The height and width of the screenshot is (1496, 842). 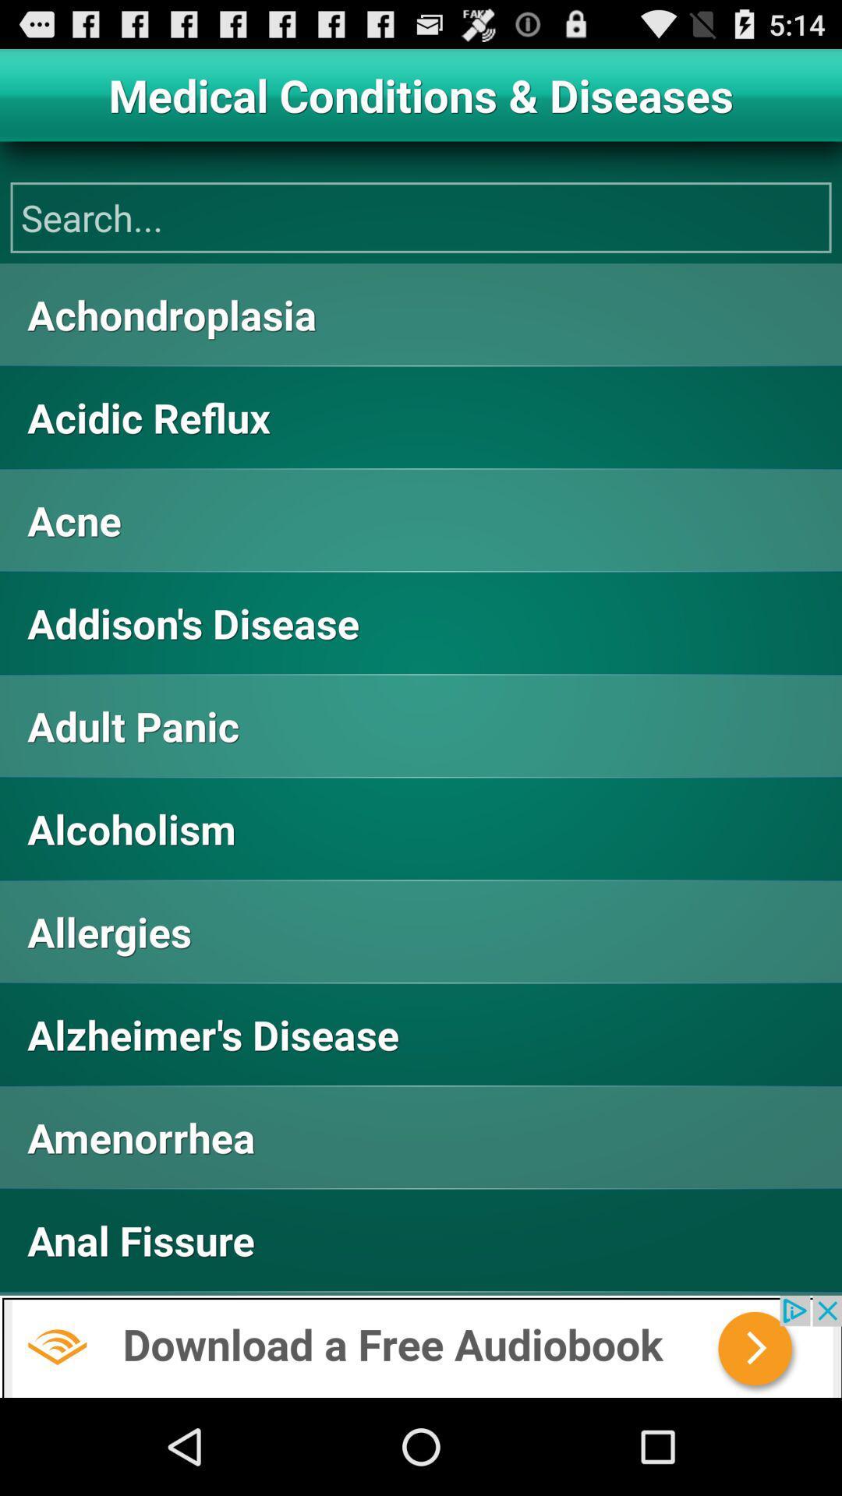 What do you see at coordinates (421, 217) in the screenshot?
I see `search` at bounding box center [421, 217].